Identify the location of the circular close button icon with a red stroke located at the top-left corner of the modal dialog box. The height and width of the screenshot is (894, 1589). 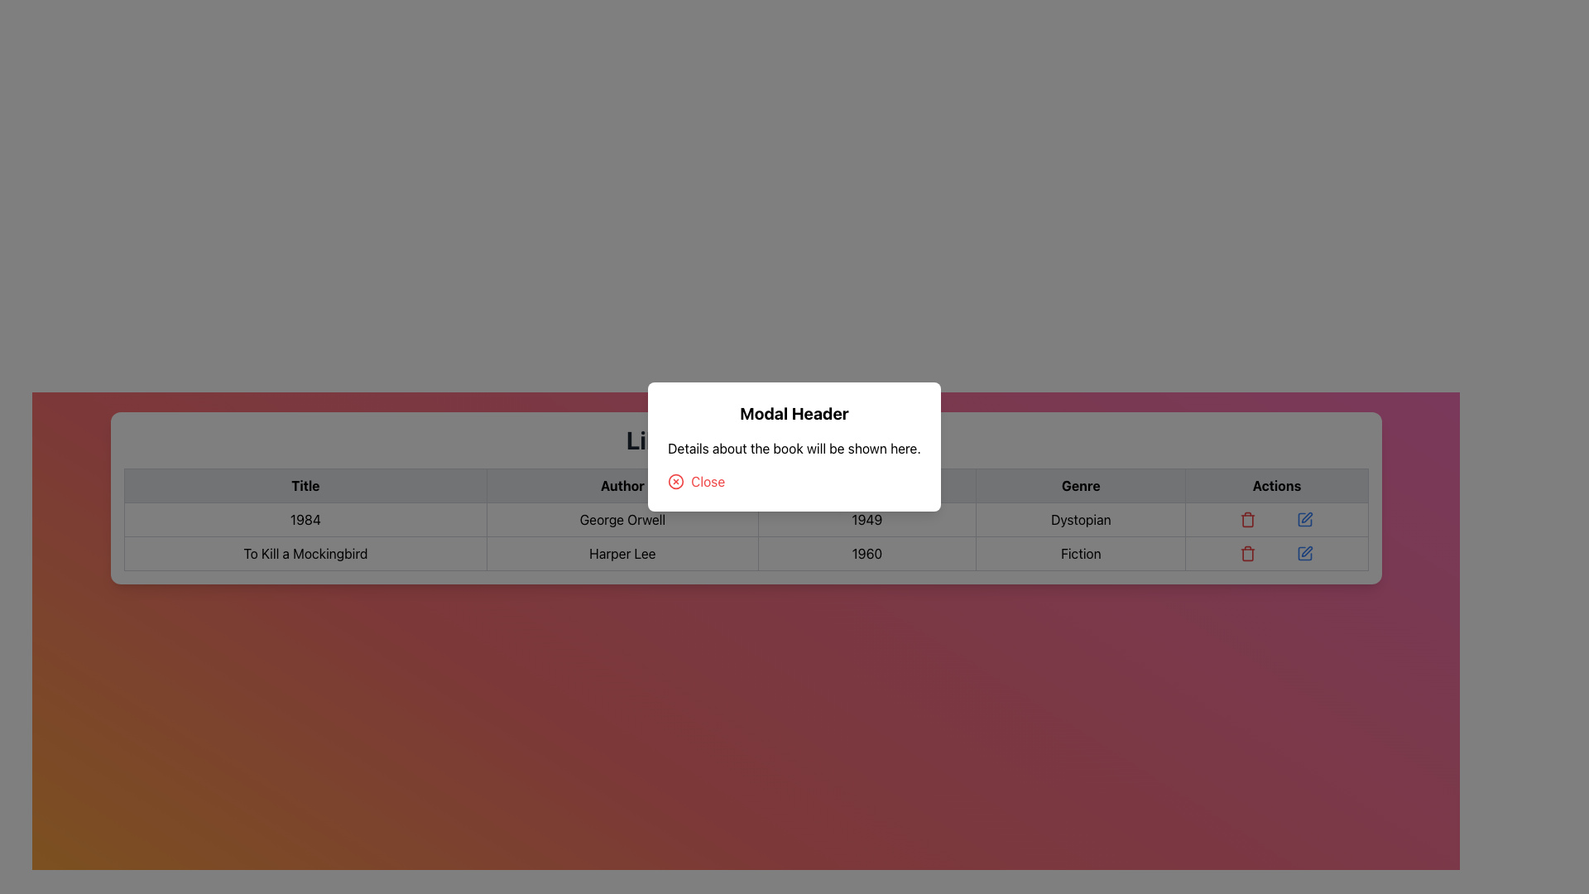
(675, 482).